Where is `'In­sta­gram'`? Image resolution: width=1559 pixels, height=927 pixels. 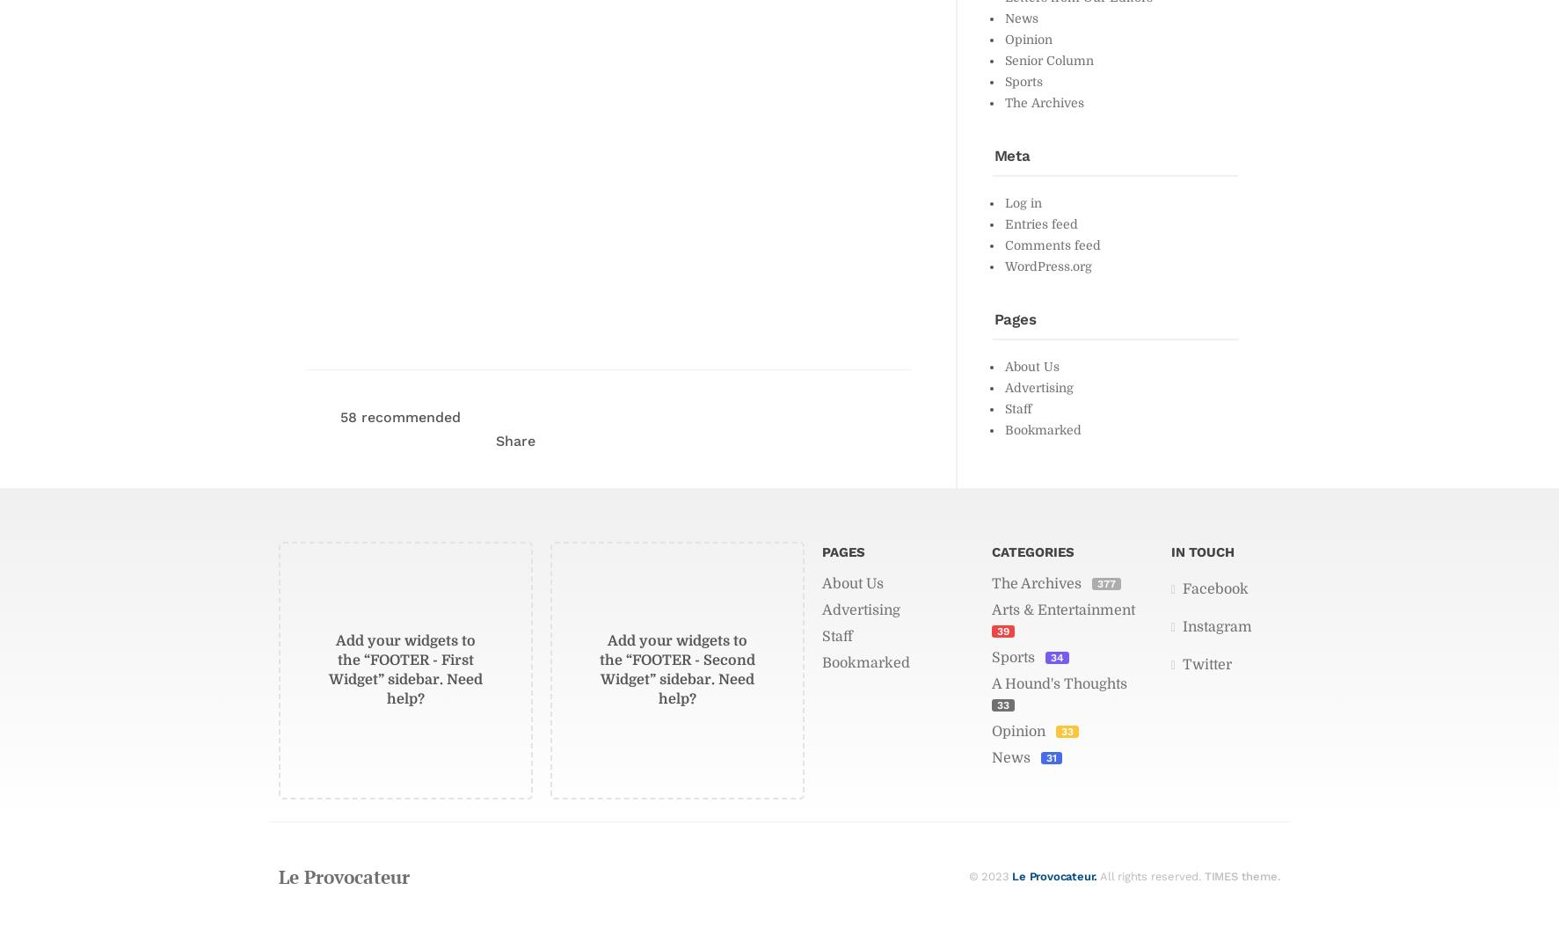
'In­sta­gram' is located at coordinates (1215, 624).